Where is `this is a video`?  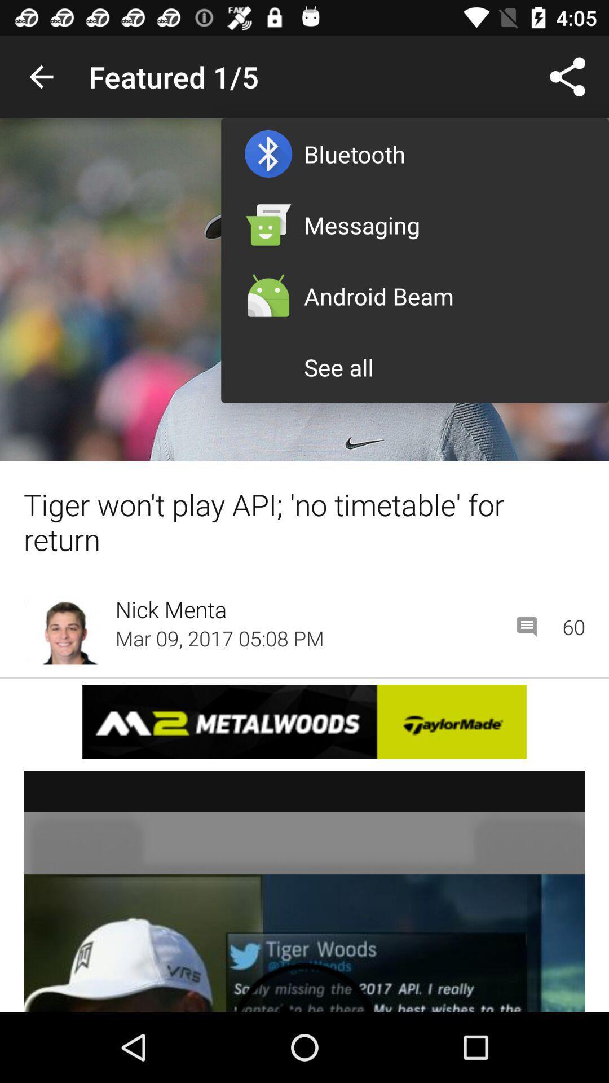 this is a video is located at coordinates (304, 891).